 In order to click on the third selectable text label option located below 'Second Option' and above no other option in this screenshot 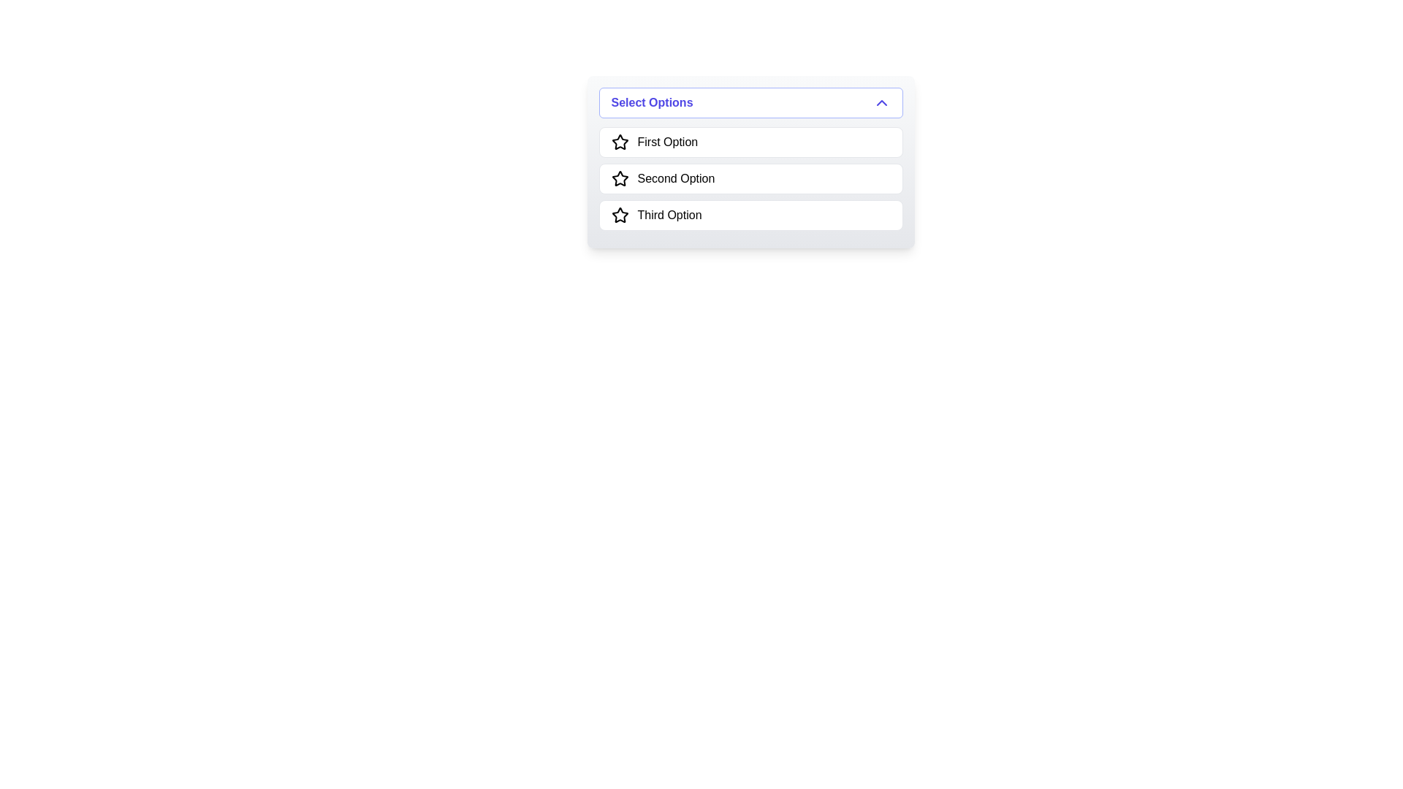, I will do `click(669, 215)`.